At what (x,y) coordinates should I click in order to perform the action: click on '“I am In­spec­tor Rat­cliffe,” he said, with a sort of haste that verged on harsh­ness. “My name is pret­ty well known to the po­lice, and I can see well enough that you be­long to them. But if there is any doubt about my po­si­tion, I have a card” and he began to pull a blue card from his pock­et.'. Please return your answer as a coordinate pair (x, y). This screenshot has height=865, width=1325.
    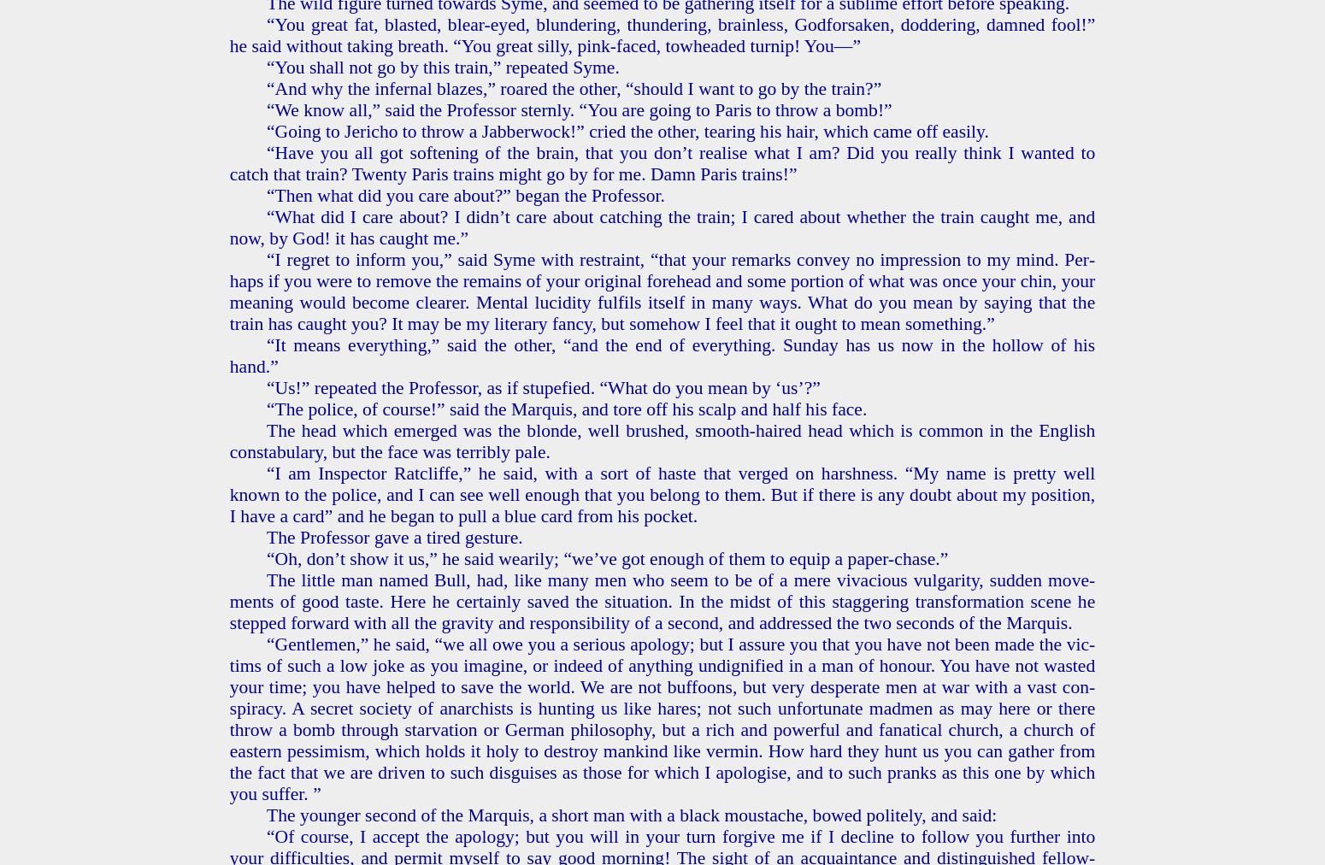
    Looking at the image, I should click on (662, 492).